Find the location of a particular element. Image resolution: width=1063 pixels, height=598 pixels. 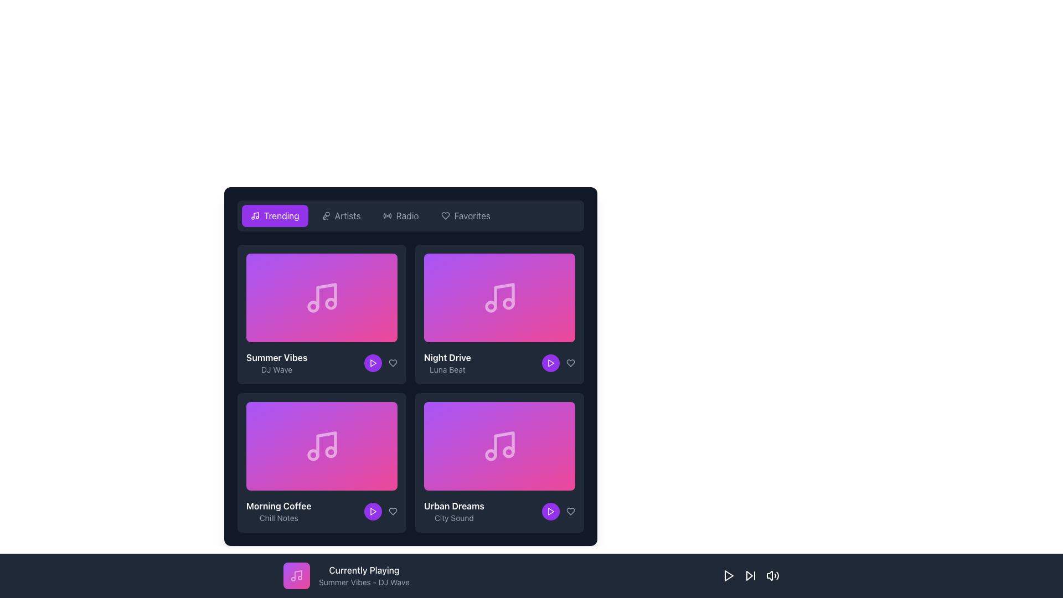

the stylized heart icon located at the bottom-right corner of the 'Morning Coffee' music card to change its color to red is located at coordinates (393, 512).